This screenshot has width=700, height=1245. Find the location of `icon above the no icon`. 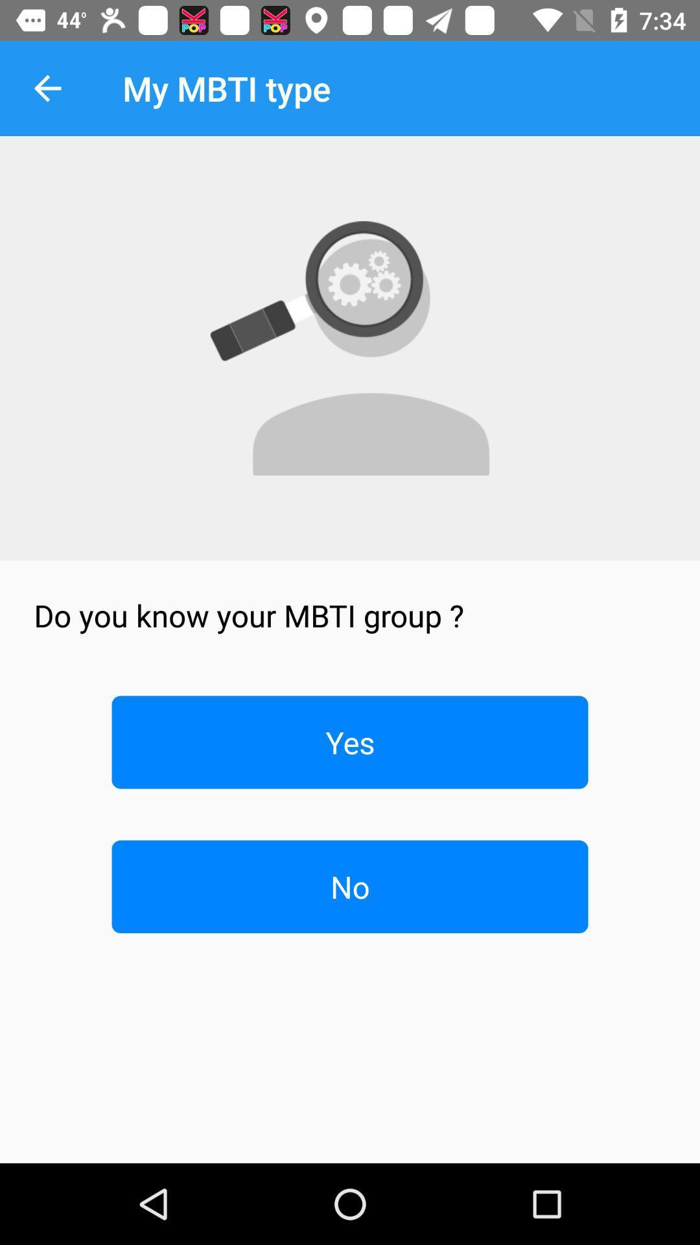

icon above the no icon is located at coordinates (350, 742).